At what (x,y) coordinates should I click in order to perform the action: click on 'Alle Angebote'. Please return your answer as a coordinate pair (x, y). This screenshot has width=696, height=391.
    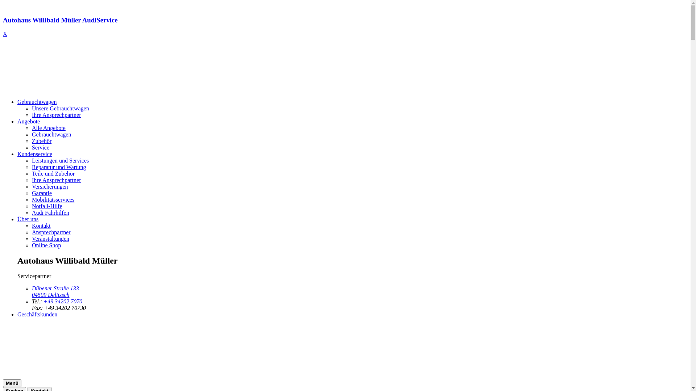
    Looking at the image, I should click on (31, 127).